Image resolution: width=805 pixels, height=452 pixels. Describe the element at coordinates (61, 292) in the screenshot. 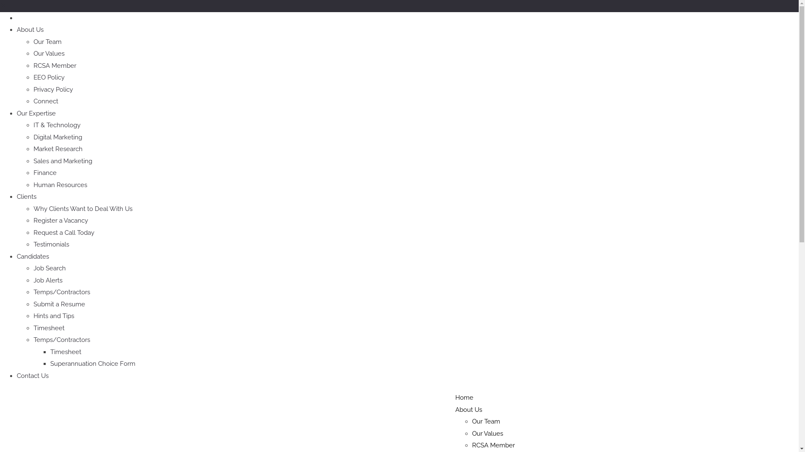

I see `'Temps/Contractors'` at that location.